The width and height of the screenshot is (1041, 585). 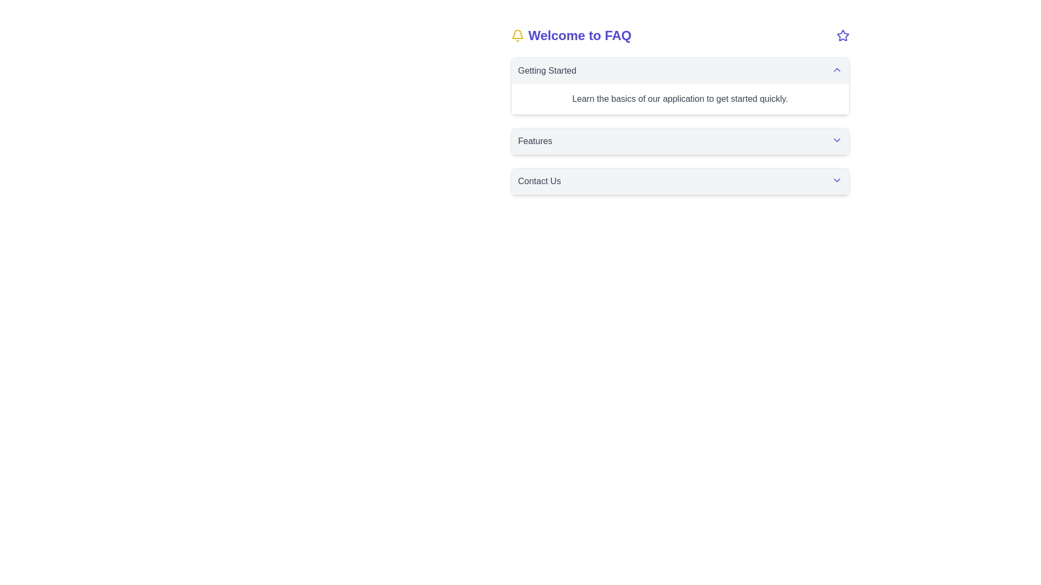 What do you see at coordinates (517, 35) in the screenshot?
I see `the yellow bell icon outlined in bold strokes located to the left of the 'Welcome to FAQ' text` at bounding box center [517, 35].